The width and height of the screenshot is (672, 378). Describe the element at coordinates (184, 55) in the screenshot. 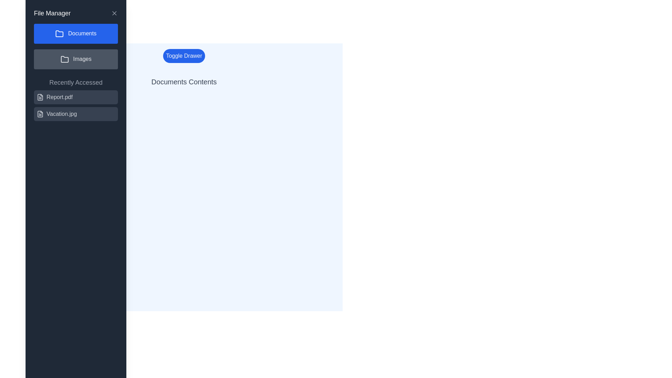

I see `the button located near the top right of the main content area, aligned with the title 'Documents Contents'` at that location.